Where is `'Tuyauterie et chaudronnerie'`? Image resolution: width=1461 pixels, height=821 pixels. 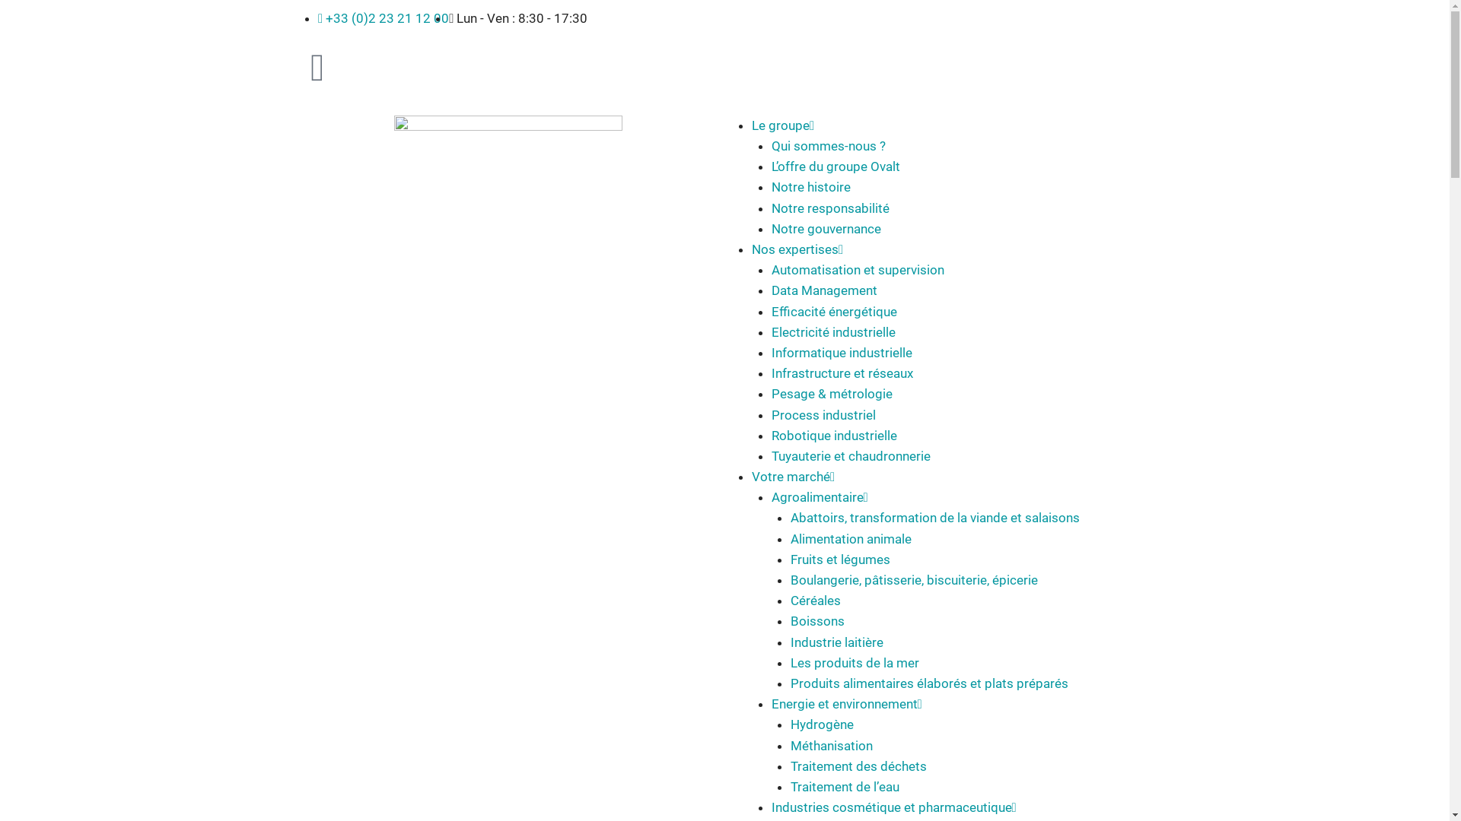
'Tuyauterie et chaudronnerie' is located at coordinates (850, 455).